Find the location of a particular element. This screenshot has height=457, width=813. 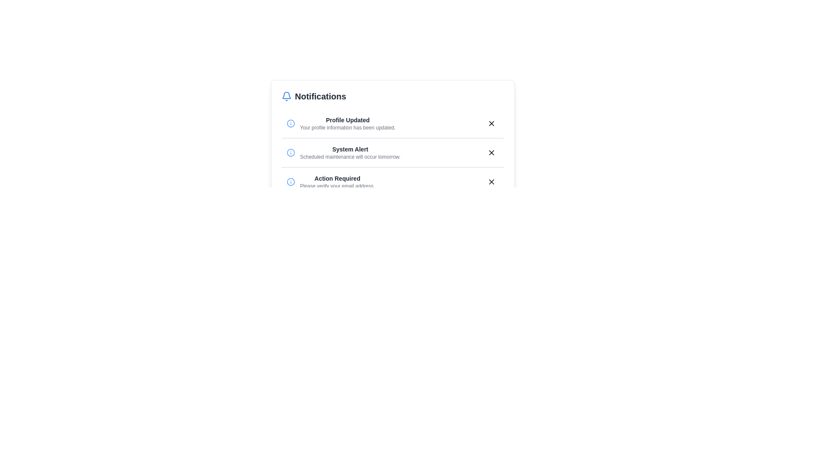

the bell icon associated with 'Notifications' located at the leftmost side of the notifications section is located at coordinates (286, 96).